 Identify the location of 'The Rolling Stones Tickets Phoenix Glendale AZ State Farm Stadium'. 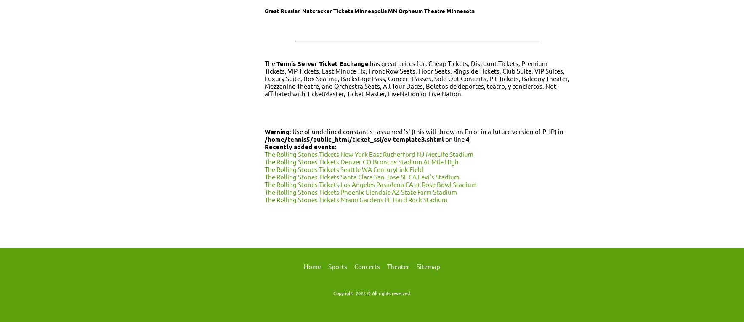
(264, 192).